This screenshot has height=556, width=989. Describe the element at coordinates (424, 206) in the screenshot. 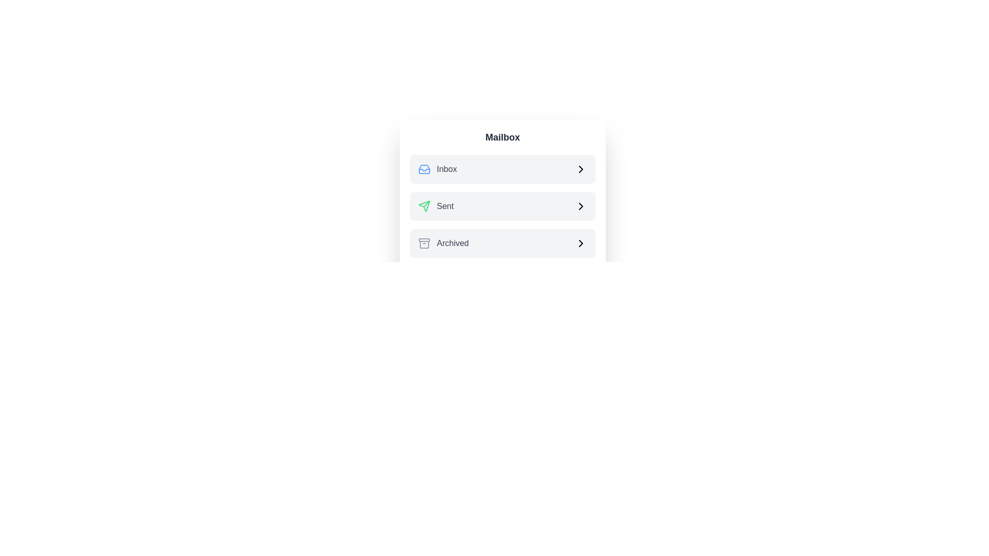

I see `the 'Sent' icon located to the left of the 'Sent' text in the second row of the mailbox entries` at that location.